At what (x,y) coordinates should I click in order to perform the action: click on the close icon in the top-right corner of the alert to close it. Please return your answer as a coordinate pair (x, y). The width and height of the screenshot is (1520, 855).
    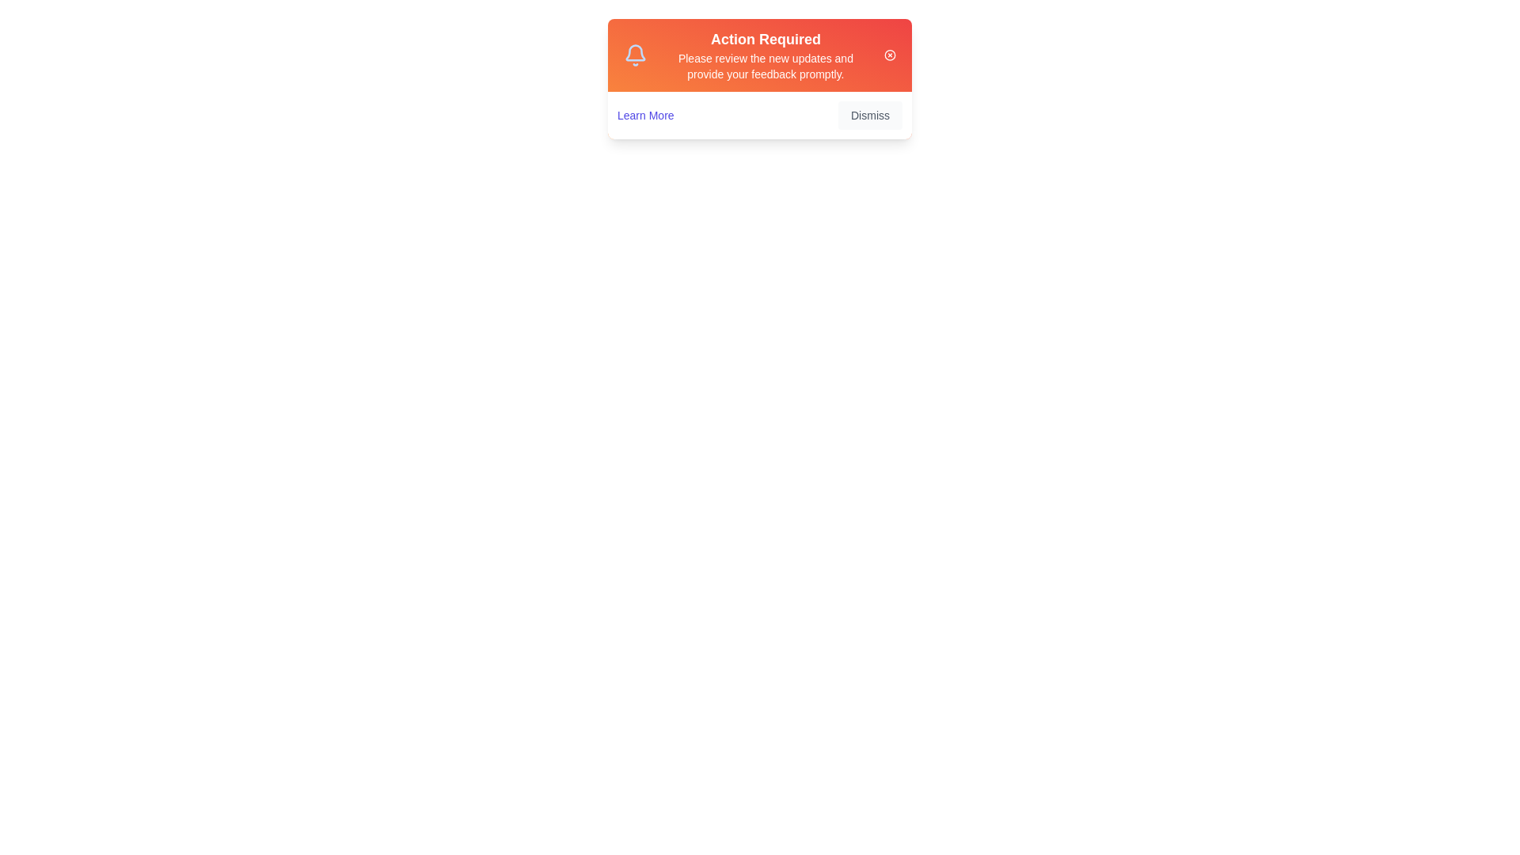
    Looking at the image, I should click on (889, 54).